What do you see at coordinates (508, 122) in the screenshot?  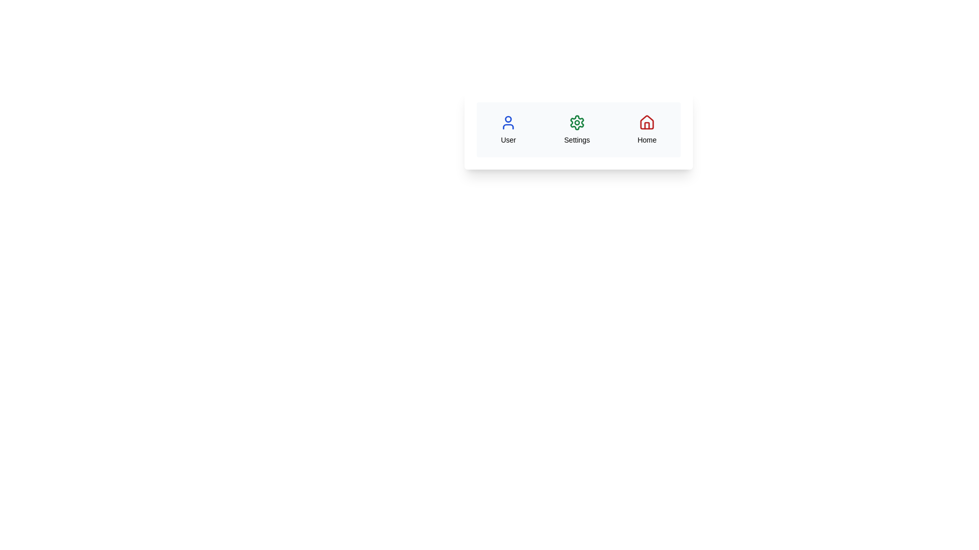 I see `the SVG icon element that represents the 'User' section, which is centrally positioned above the text 'User' in the first card of a horizontally aligned set of three cards` at bounding box center [508, 122].